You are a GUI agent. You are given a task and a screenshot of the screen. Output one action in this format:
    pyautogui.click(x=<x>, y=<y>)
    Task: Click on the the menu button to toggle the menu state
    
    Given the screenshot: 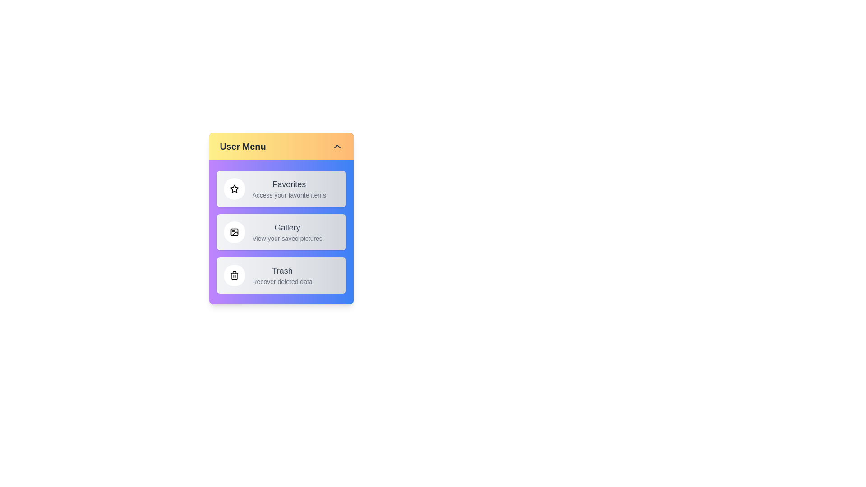 What is the action you would take?
    pyautogui.click(x=281, y=146)
    